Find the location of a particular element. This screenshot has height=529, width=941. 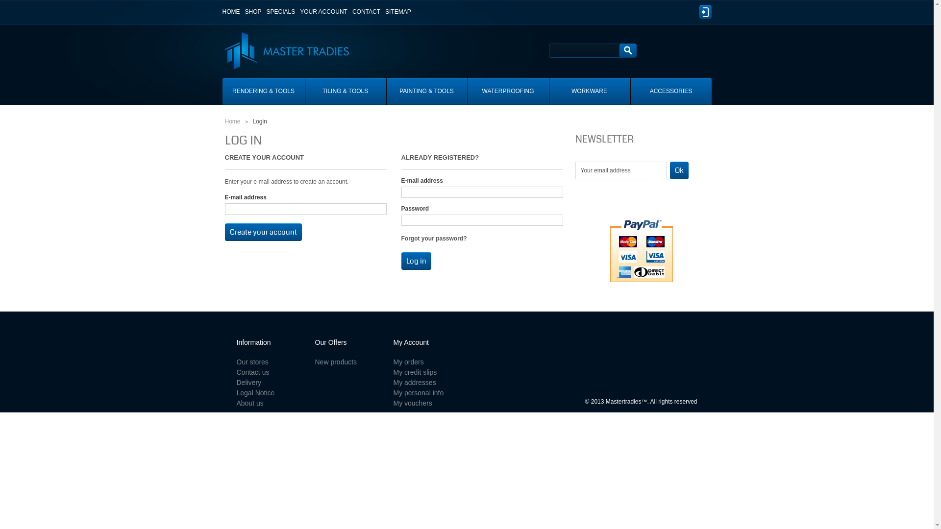

'My personal info' is located at coordinates (418, 392).